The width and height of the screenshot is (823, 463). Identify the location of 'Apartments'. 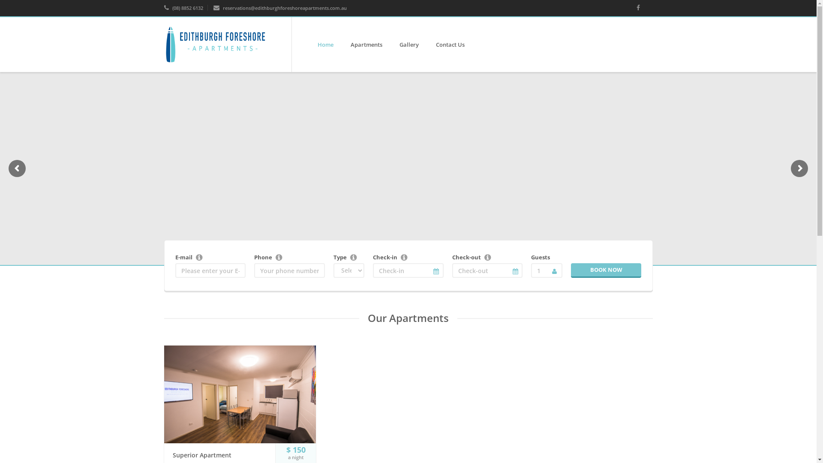
(366, 45).